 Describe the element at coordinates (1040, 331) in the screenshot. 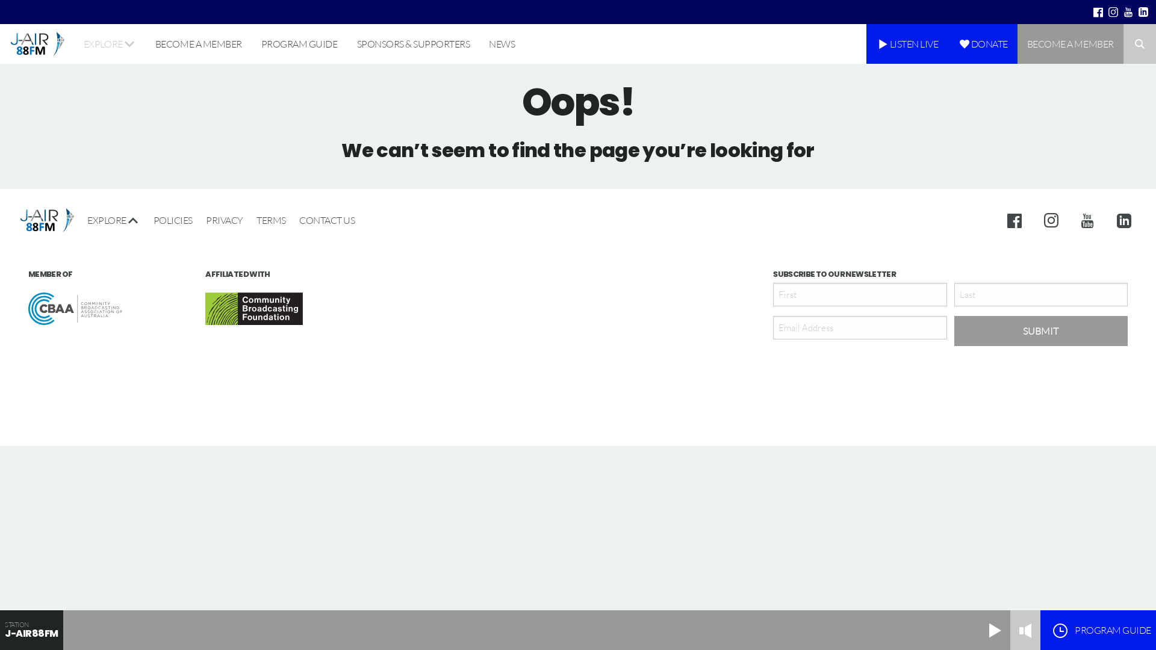

I see `'Submit'` at that location.